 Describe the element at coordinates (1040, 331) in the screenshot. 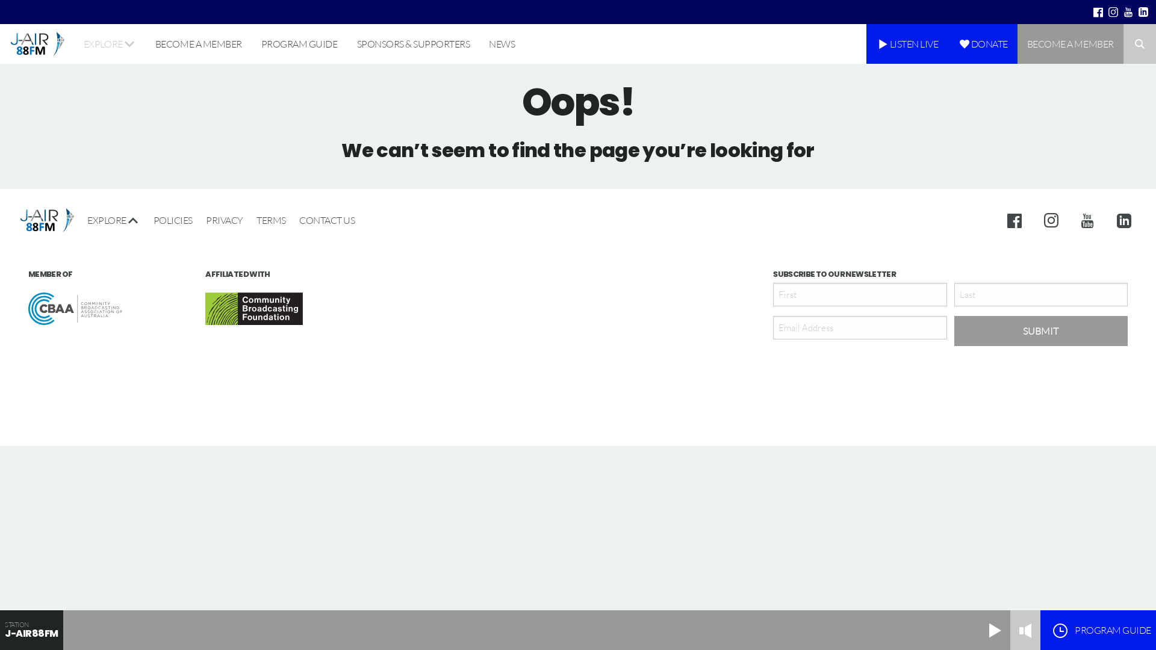

I see `'Submit'` at that location.